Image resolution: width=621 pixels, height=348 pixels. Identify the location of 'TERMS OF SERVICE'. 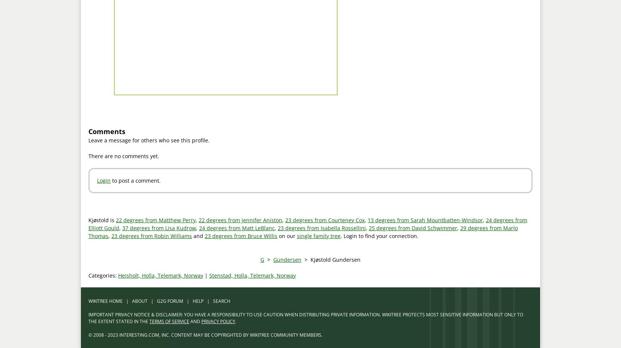
(169, 321).